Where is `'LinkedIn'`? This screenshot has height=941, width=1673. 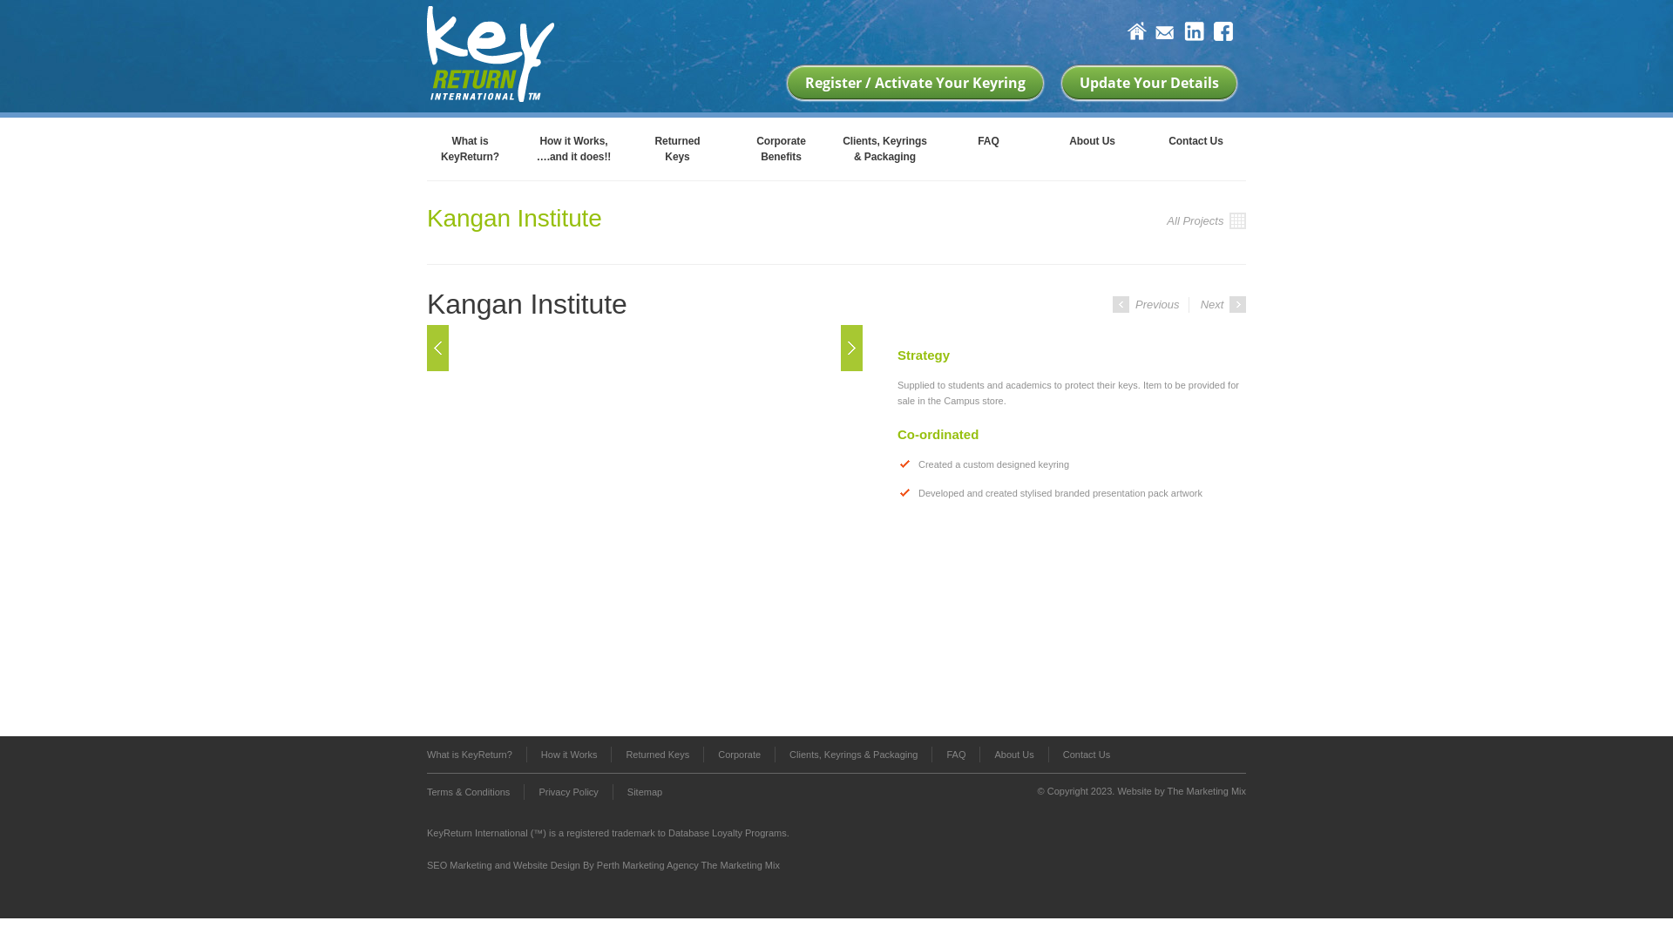
'LinkedIn' is located at coordinates (1183, 32).